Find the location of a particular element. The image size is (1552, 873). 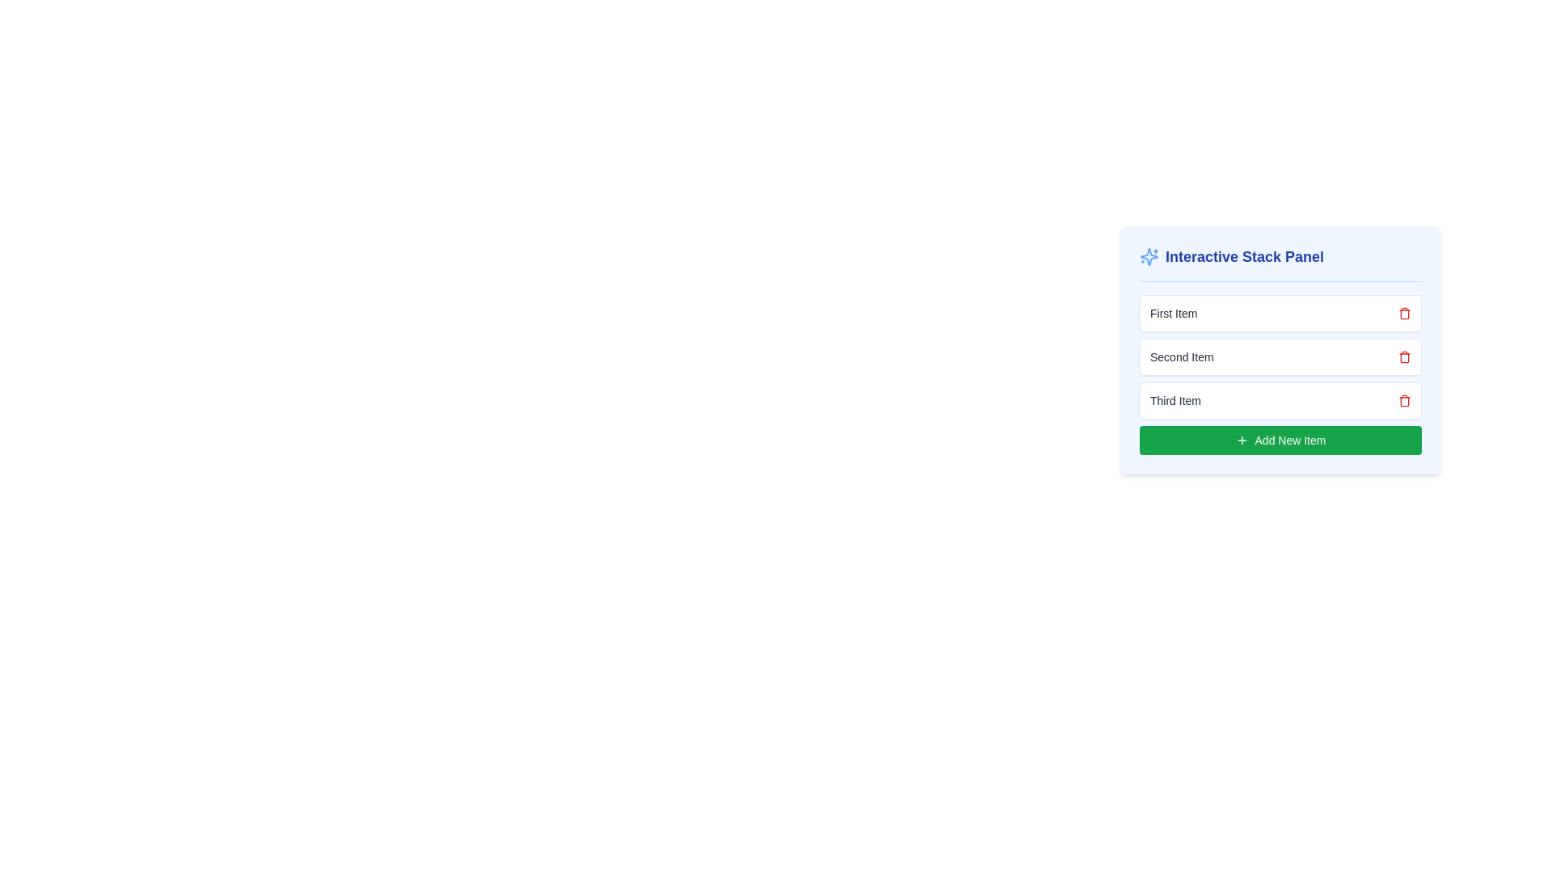

the delete button for the 'Second Item' in the interactive stack panel is located at coordinates (1403, 356).